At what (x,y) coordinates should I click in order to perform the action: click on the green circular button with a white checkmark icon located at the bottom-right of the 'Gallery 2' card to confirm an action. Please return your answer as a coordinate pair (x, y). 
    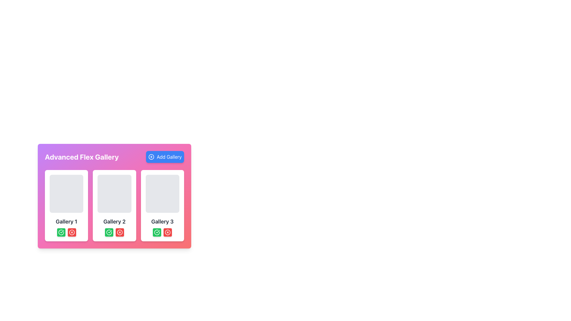
    Looking at the image, I should click on (61, 232).